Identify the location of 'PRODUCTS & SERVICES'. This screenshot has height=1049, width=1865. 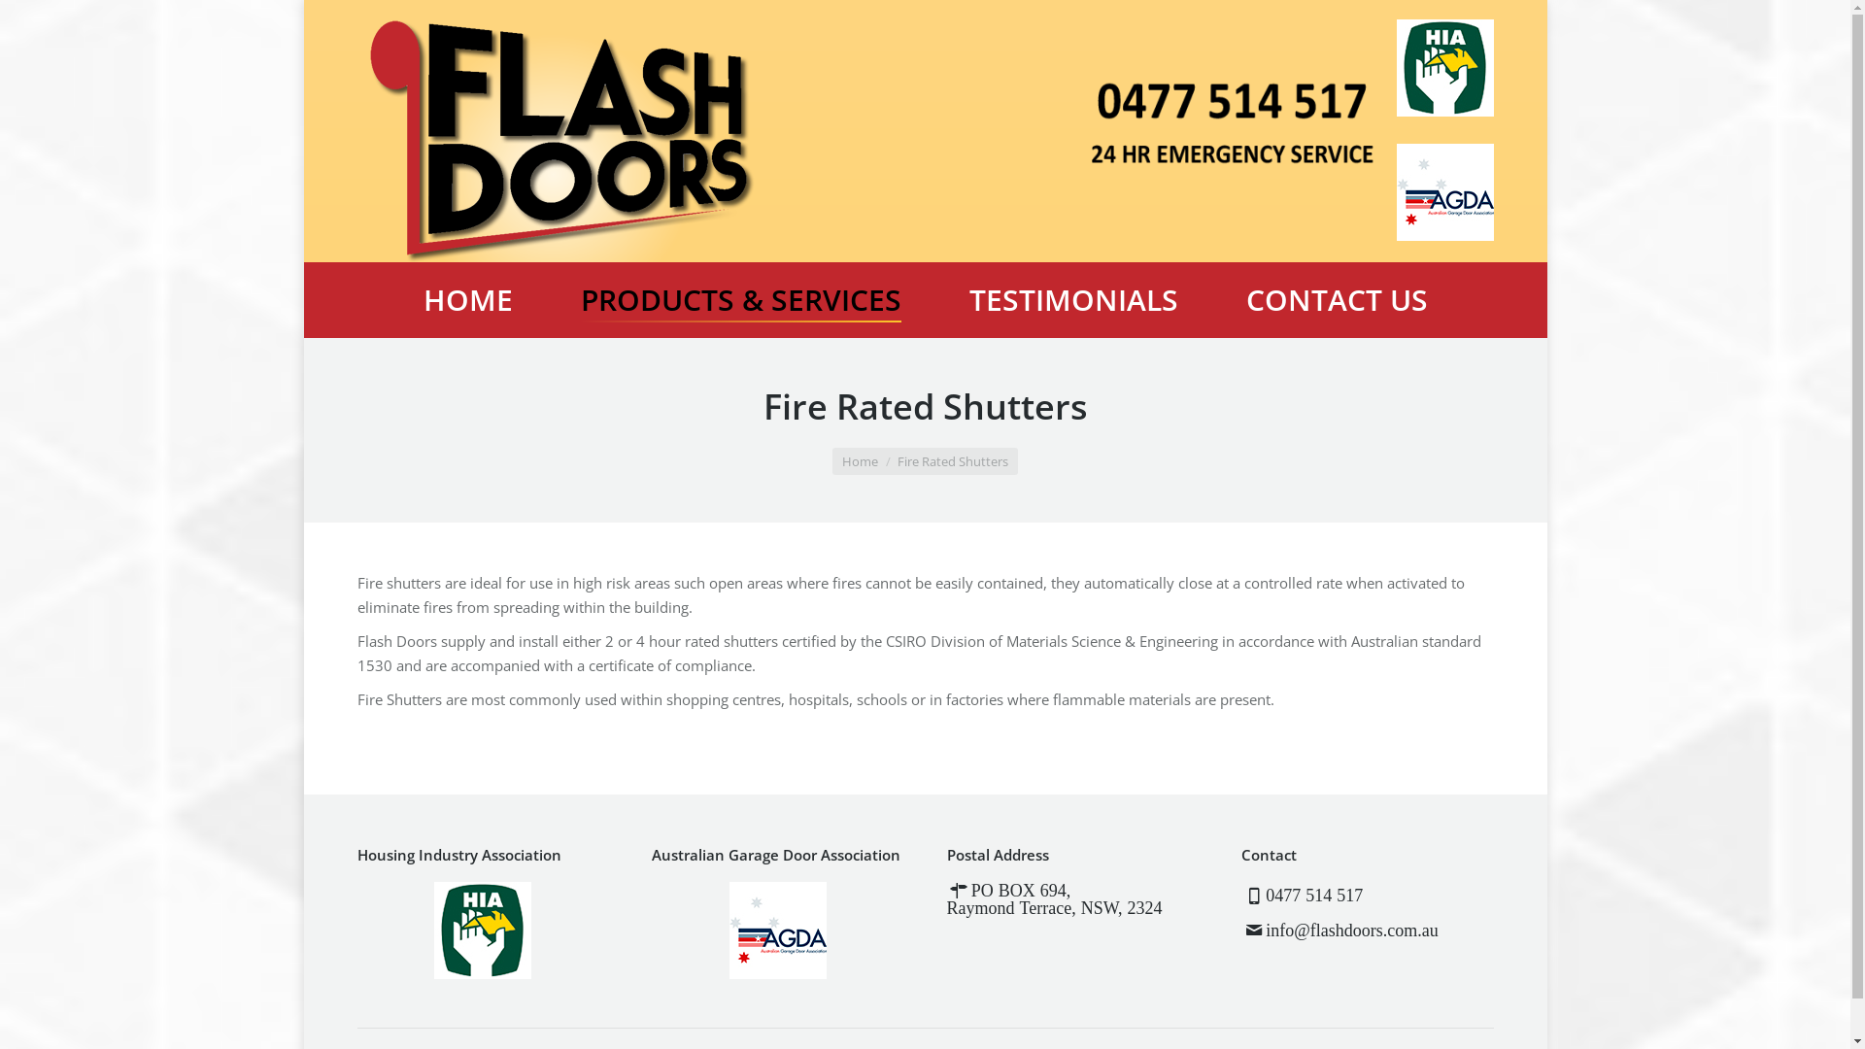
(739, 299).